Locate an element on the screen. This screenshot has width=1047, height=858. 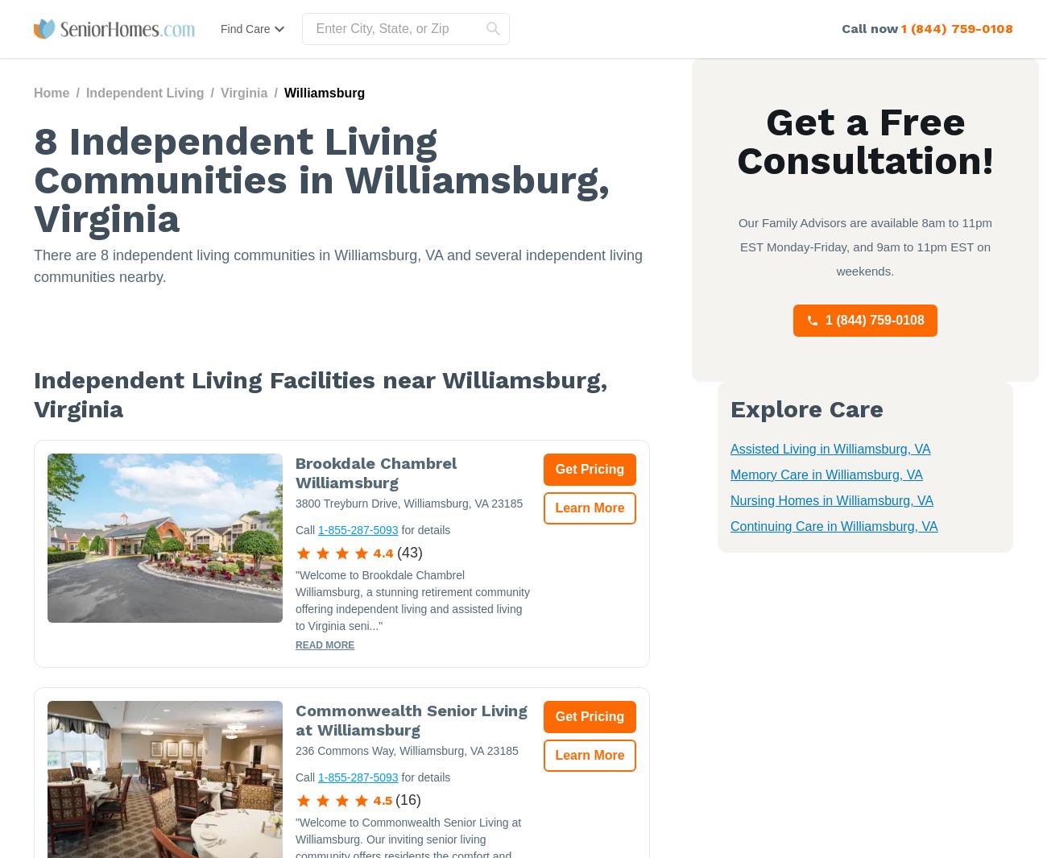
'READ MORE' is located at coordinates (325, 645).